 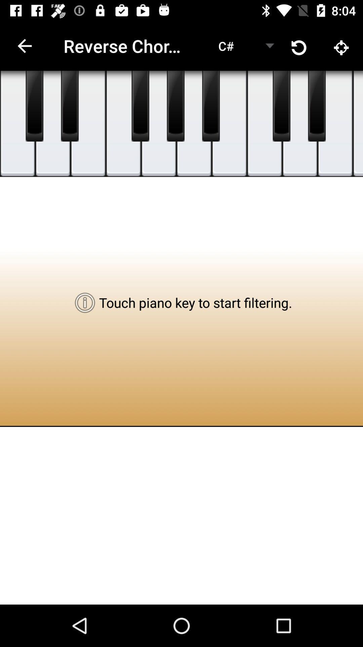 What do you see at coordinates (123, 124) in the screenshot?
I see `piano key` at bounding box center [123, 124].